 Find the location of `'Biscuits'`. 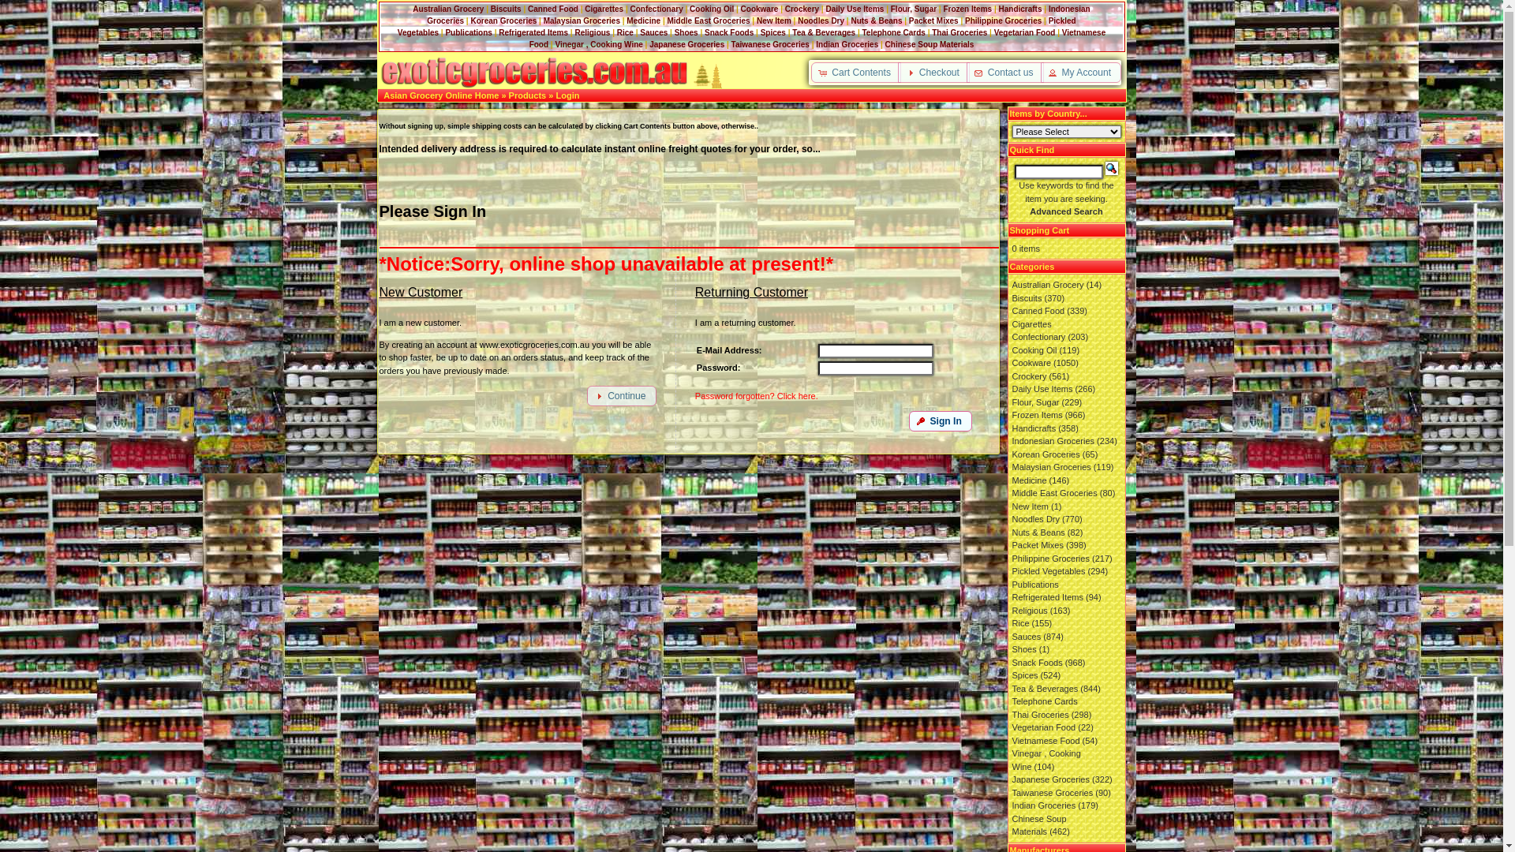

'Biscuits' is located at coordinates (490, 9).